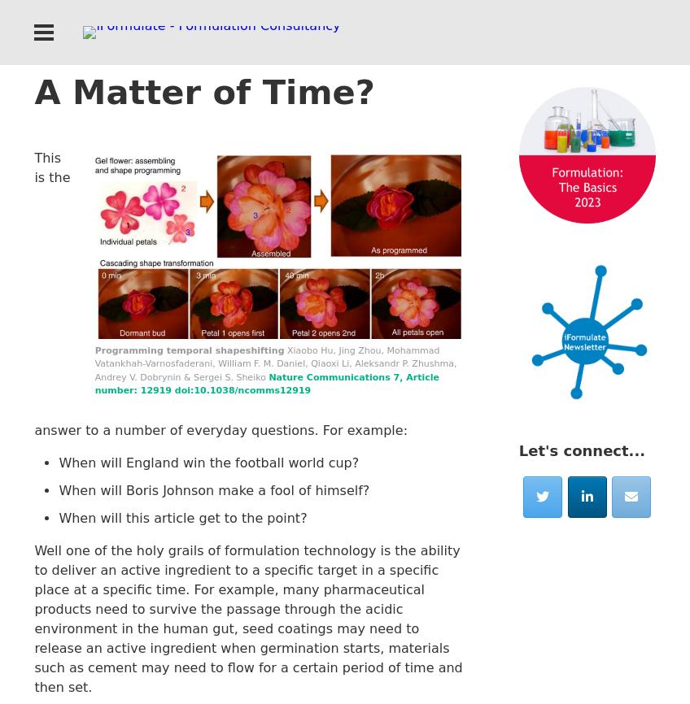  I want to click on 'Well one of the holy grails of formulation technology is the ability to deliver an active ingredient to a specific target in a specific place at a specific time. For example, many pharmaceutical products need to survive the passage through the acidic environment in the human gut, seed coatings may need to release an active ingredient when germination starts, materials such as cement may need to flow for a certain period of time and then set.', so click(248, 617).